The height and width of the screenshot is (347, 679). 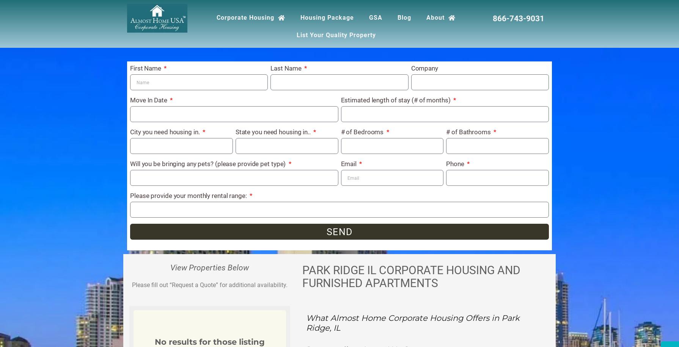 What do you see at coordinates (424, 68) in the screenshot?
I see `'Company'` at bounding box center [424, 68].